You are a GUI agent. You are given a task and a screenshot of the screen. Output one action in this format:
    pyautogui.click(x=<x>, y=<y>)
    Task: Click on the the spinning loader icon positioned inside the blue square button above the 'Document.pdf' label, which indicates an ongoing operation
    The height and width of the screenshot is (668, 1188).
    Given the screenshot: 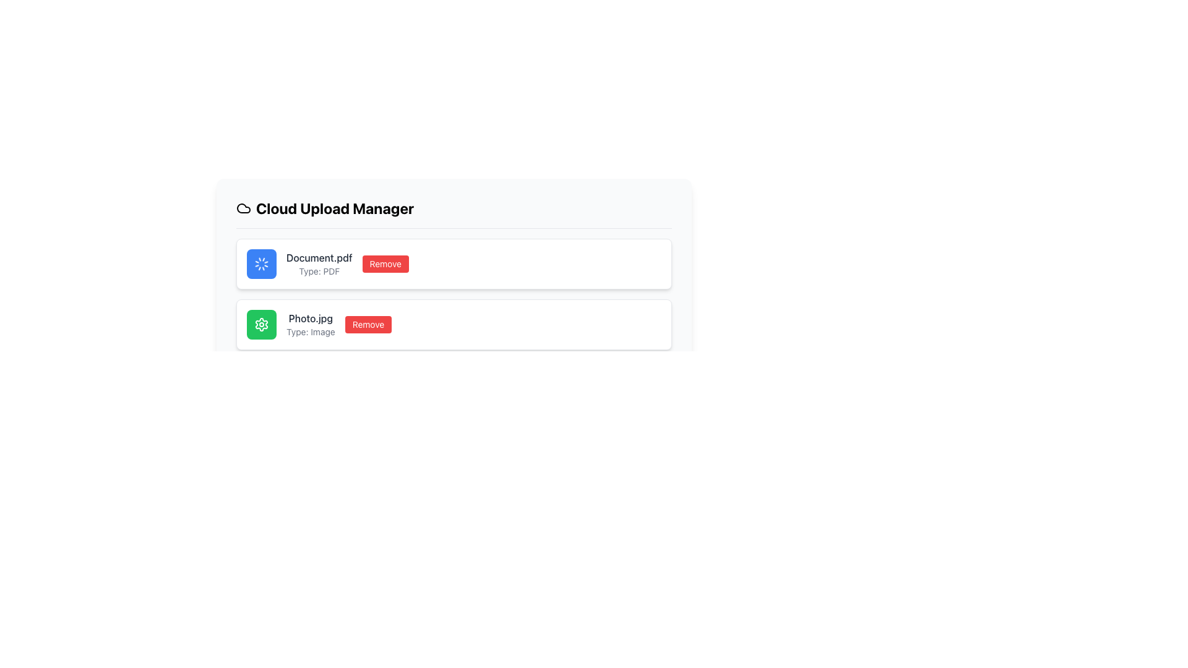 What is the action you would take?
    pyautogui.click(x=260, y=263)
    